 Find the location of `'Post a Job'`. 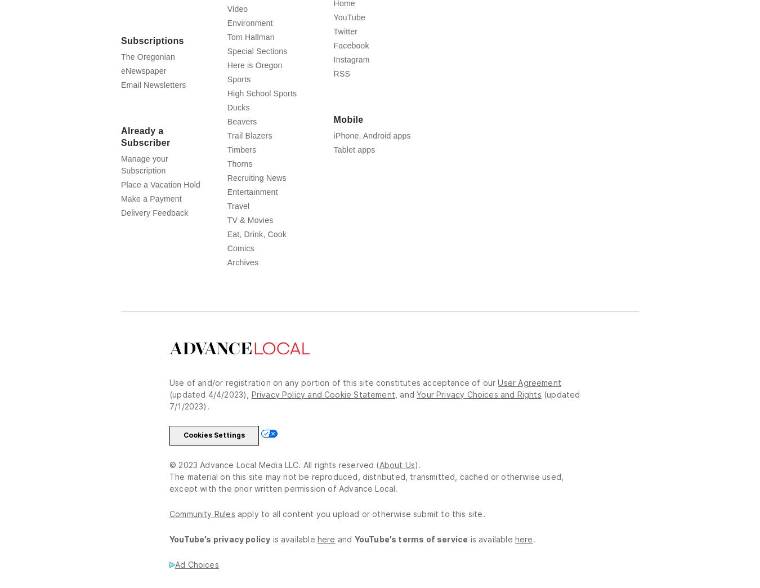

'Post a Job' is located at coordinates (458, 16).